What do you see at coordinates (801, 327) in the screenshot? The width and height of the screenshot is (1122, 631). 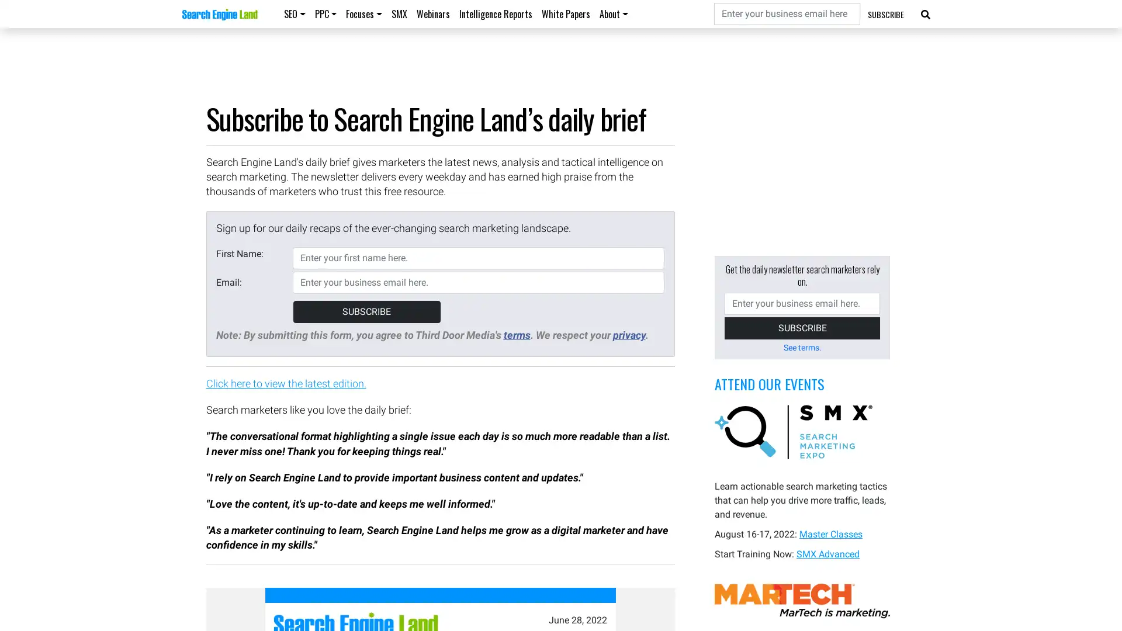 I see `SUBSCRIBE` at bounding box center [801, 327].